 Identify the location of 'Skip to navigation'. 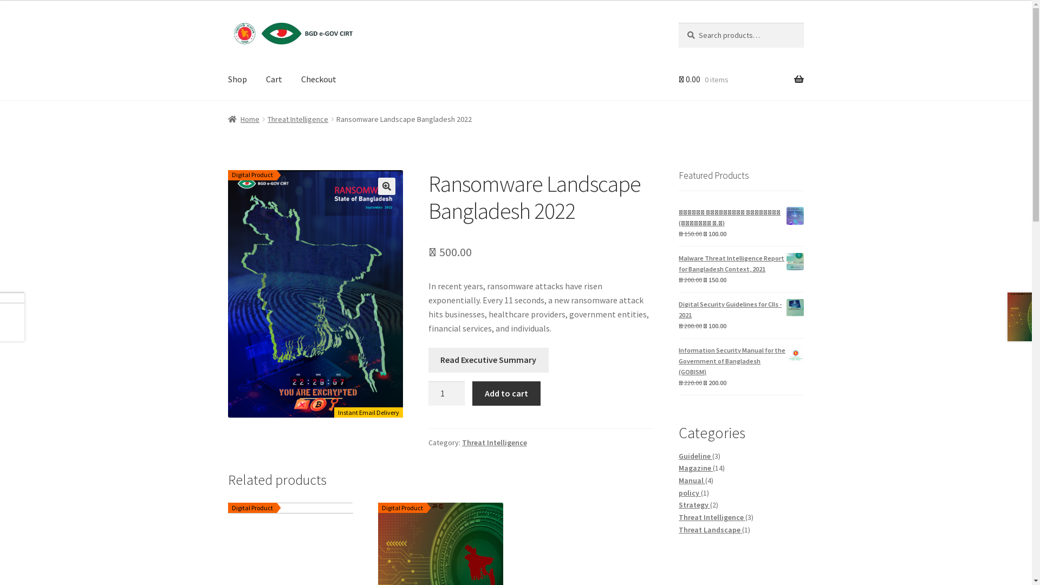
(227, 22).